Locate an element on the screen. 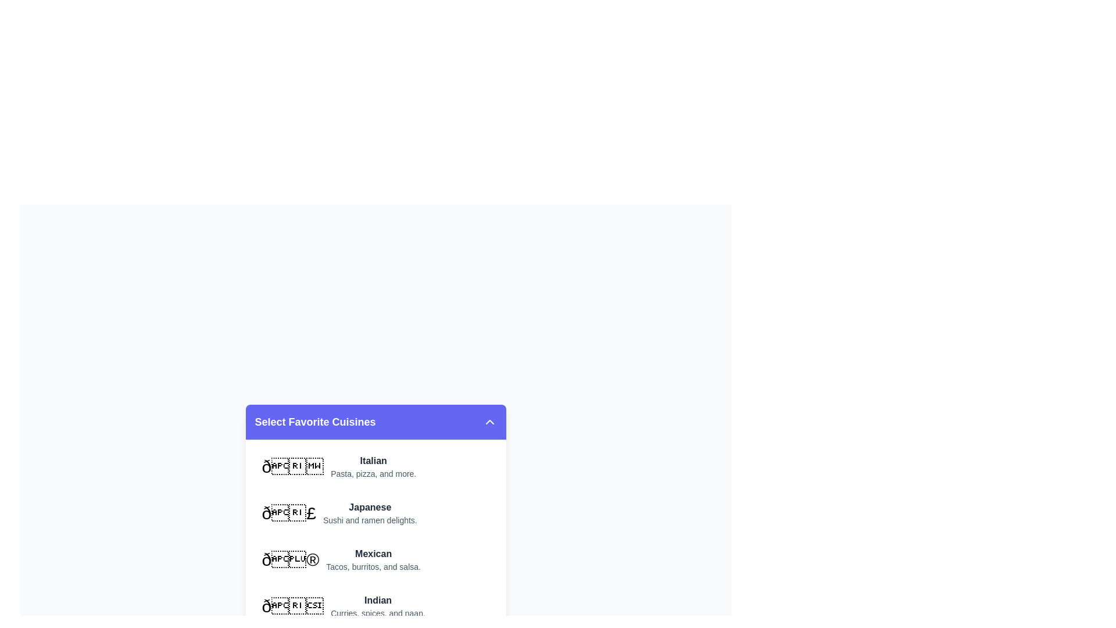  the text label displaying 'Italian' and 'Pasta, pizza, and more.' which is the second element in the list under the header 'Select Favorite Cuisines' is located at coordinates (373, 466).